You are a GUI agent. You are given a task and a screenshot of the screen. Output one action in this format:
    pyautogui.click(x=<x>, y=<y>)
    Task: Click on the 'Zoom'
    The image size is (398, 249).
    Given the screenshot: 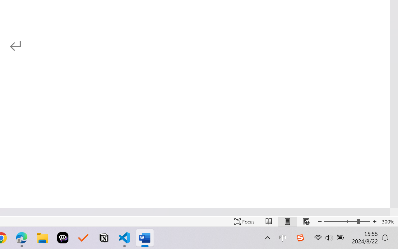 What is the action you would take?
    pyautogui.click(x=347, y=221)
    